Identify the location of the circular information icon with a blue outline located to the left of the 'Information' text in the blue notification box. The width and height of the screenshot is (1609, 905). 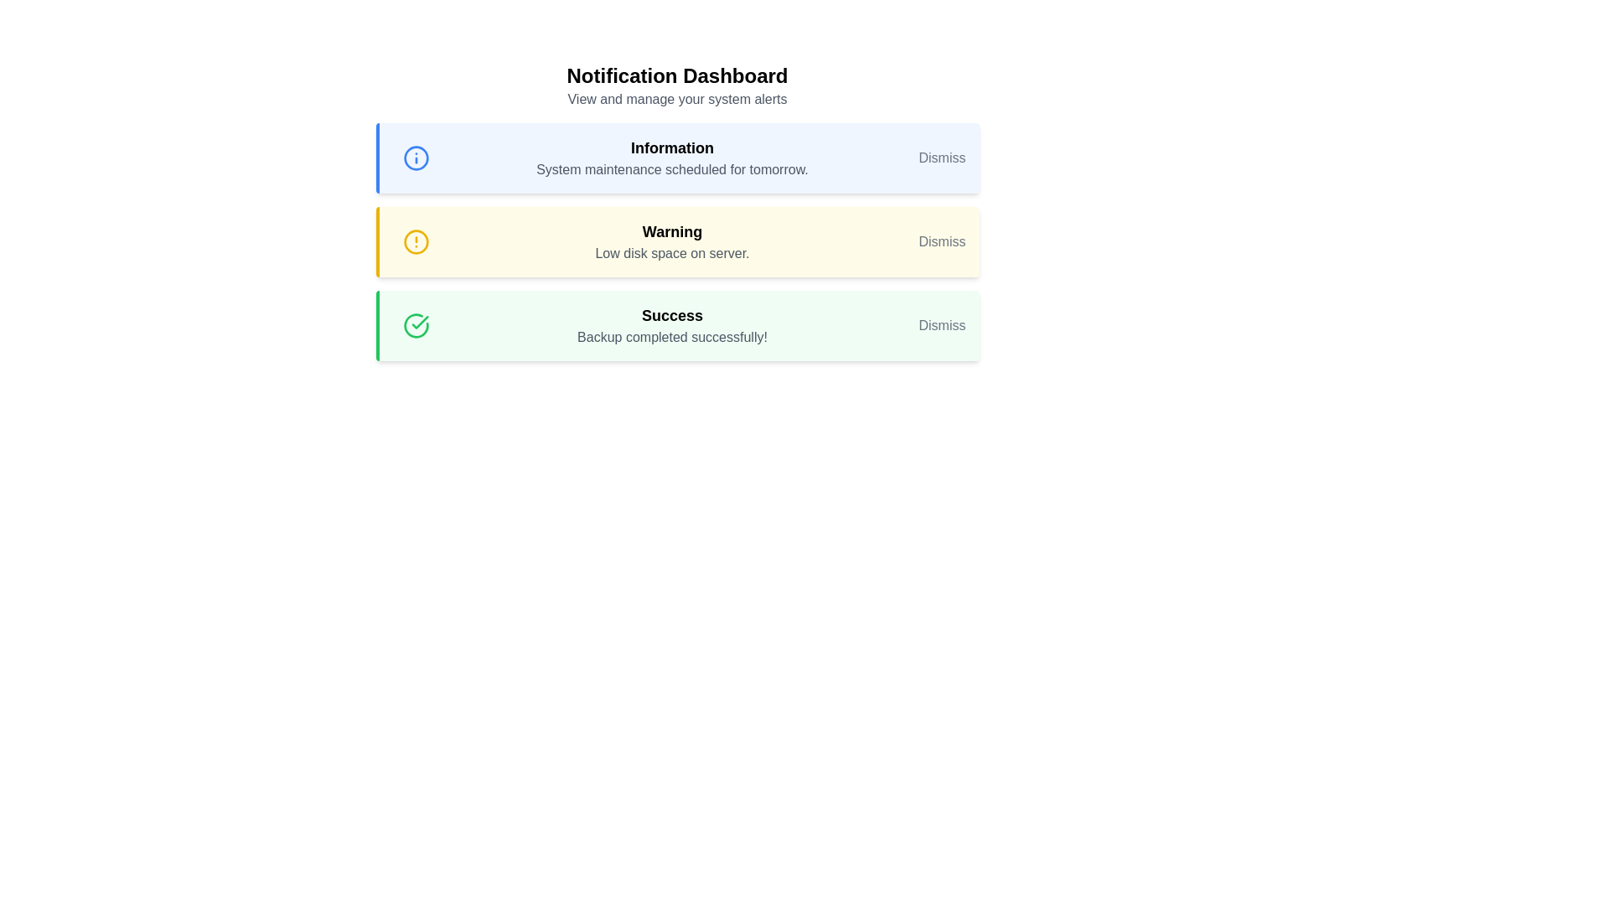
(416, 158).